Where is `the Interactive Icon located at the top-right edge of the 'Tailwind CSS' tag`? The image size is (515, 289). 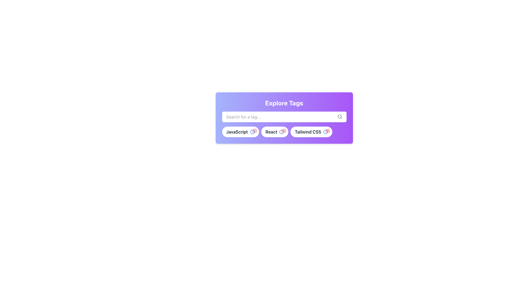 the Interactive Icon located at the top-right edge of the 'Tailwind CSS' tag is located at coordinates (328, 131).